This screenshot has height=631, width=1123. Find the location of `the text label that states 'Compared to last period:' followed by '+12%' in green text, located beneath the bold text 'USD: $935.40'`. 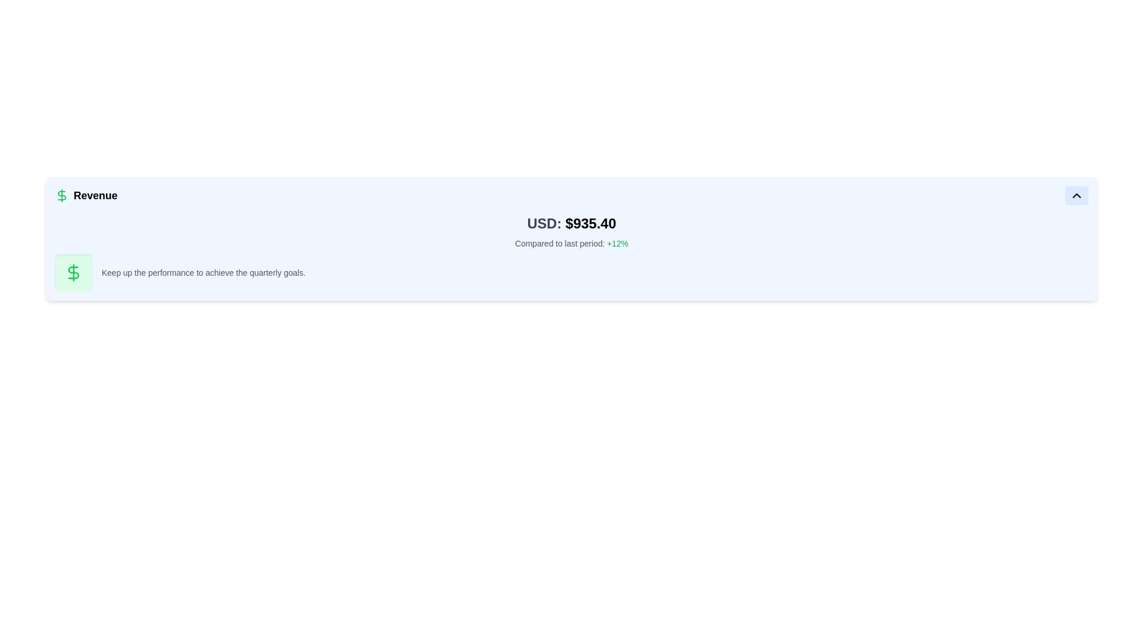

the text label that states 'Compared to last period:' followed by '+12%' in green text, located beneath the bold text 'USD: $935.40' is located at coordinates (571, 242).